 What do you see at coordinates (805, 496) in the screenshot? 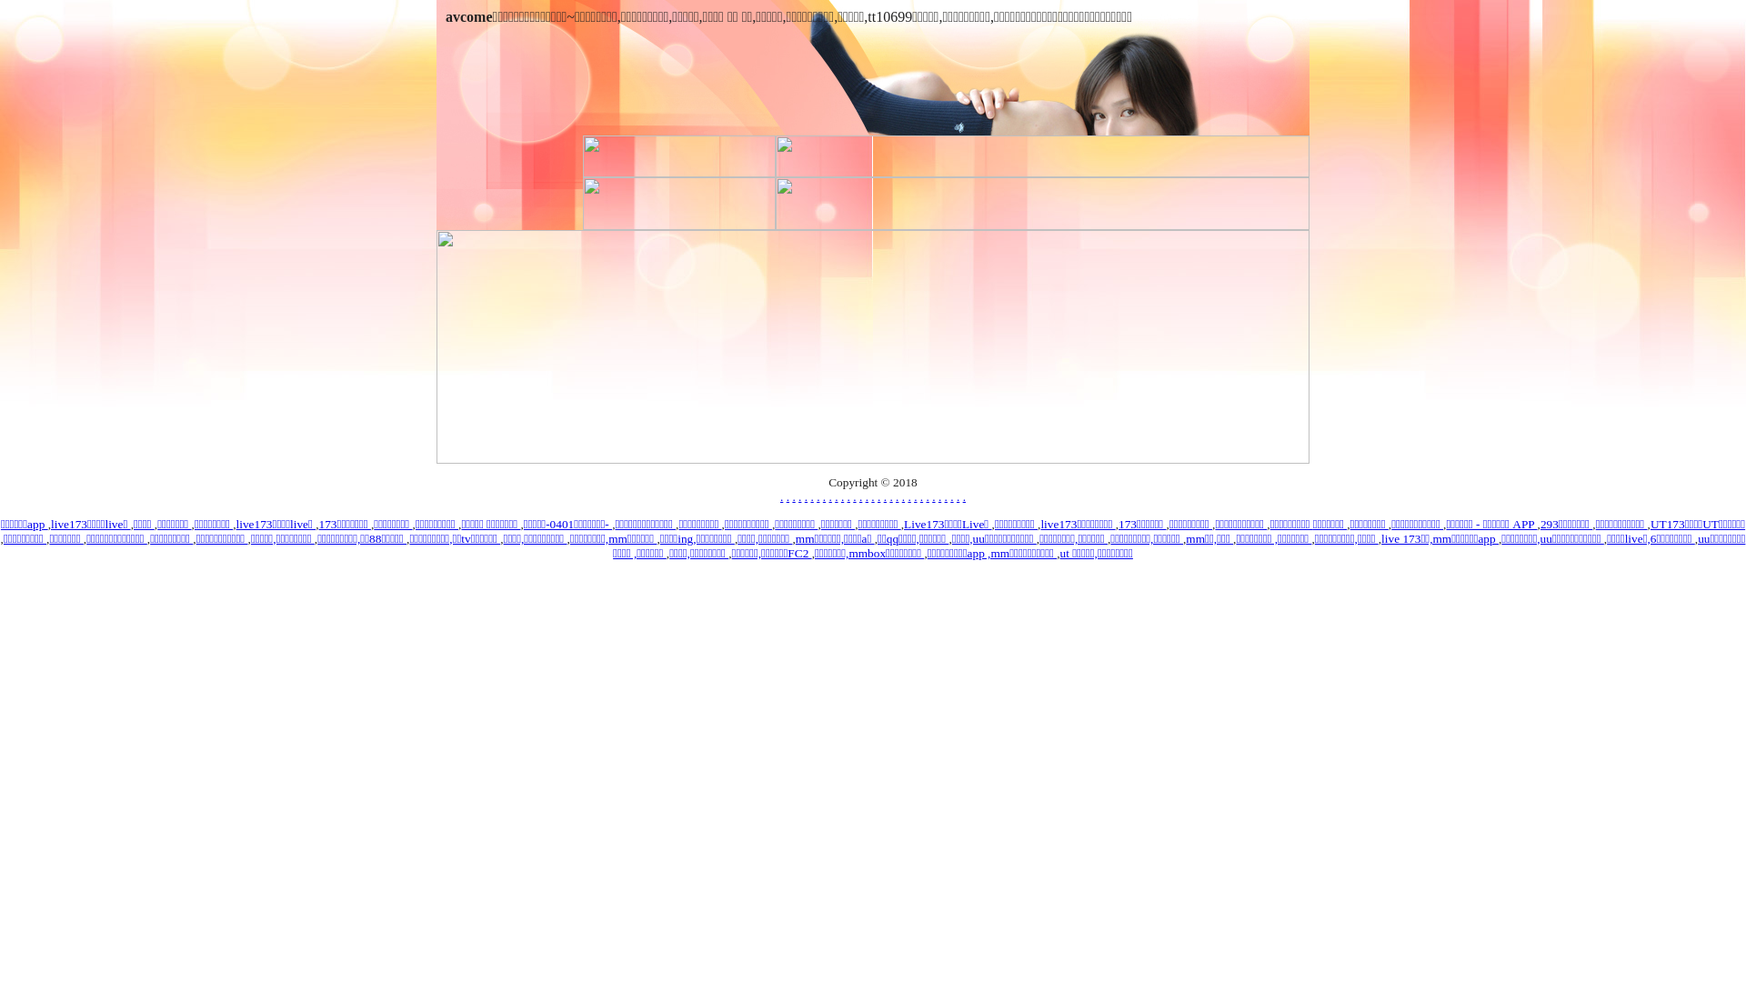
I see `'.'` at bounding box center [805, 496].